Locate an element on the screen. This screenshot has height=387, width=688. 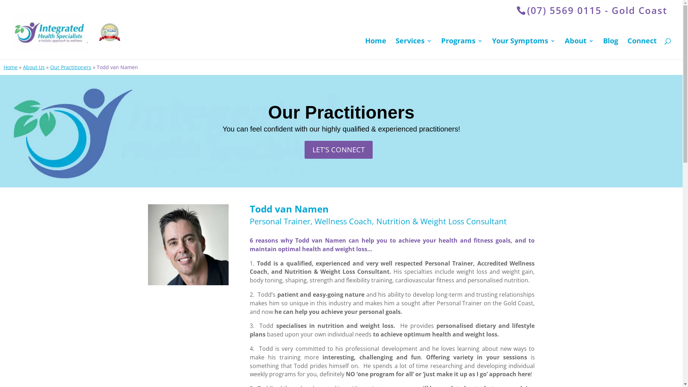
'Your Symptoms' is located at coordinates (524, 48).